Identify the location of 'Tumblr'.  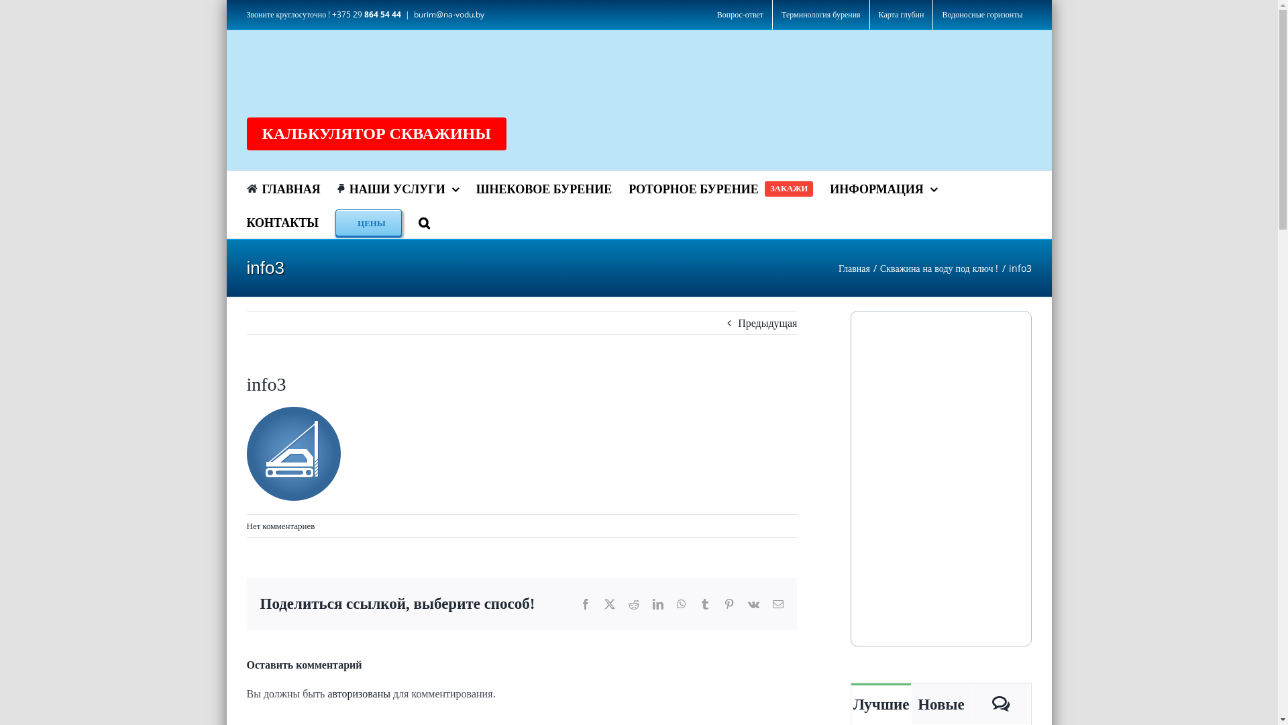
(704, 603).